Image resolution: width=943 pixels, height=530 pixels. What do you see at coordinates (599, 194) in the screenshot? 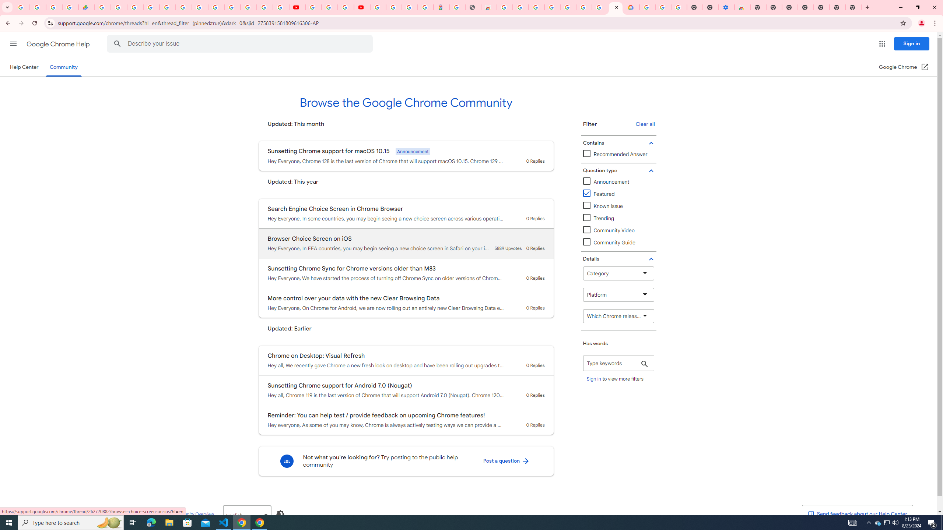
I see `'Featured'` at bounding box center [599, 194].